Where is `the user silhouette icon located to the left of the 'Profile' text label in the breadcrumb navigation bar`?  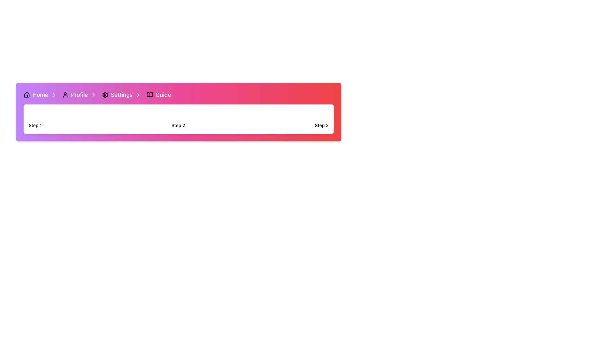
the user silhouette icon located to the left of the 'Profile' text label in the breadcrumb navigation bar is located at coordinates (65, 95).